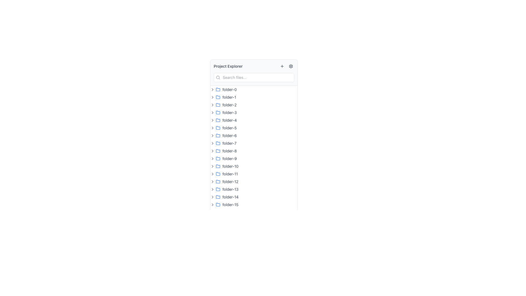 This screenshot has width=526, height=296. Describe the element at coordinates (253, 89) in the screenshot. I see `the first collapsible folder entry in the Project Explorer` at that location.